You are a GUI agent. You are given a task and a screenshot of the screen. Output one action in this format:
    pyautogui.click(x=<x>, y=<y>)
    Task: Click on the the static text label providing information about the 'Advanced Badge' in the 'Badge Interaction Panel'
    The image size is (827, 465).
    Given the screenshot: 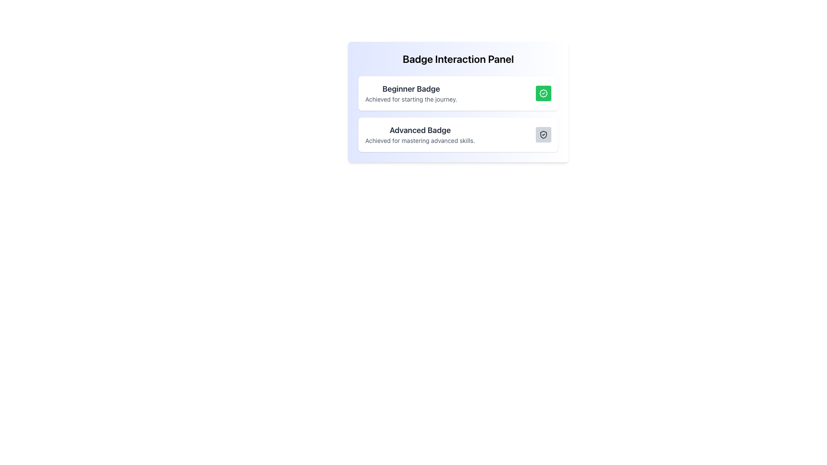 What is the action you would take?
    pyautogui.click(x=420, y=140)
    